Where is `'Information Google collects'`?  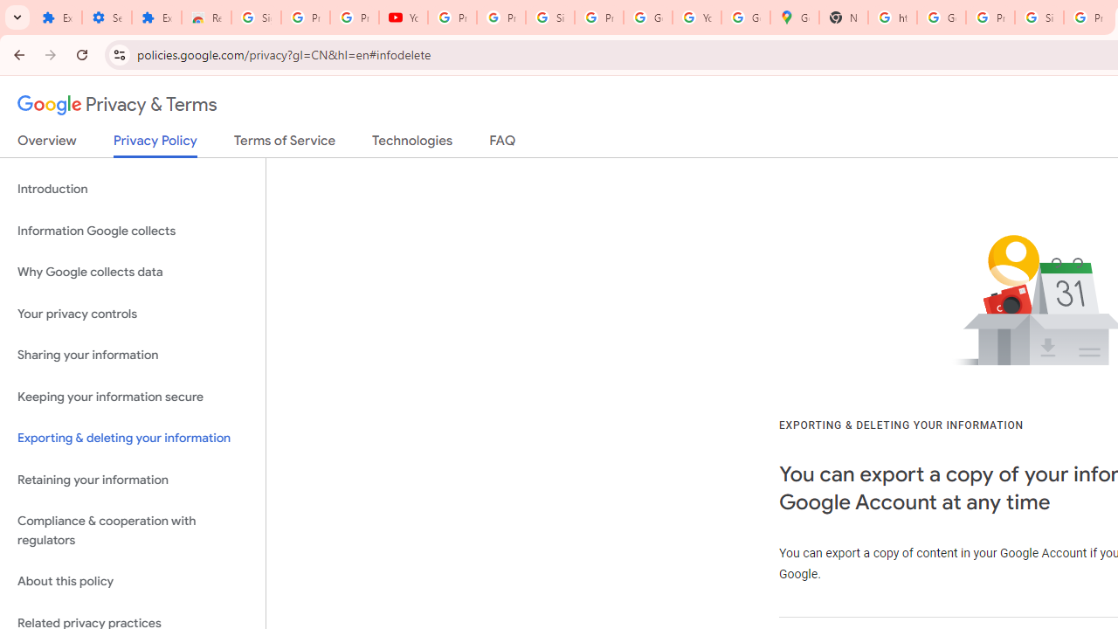
'Information Google collects' is located at coordinates (132, 230).